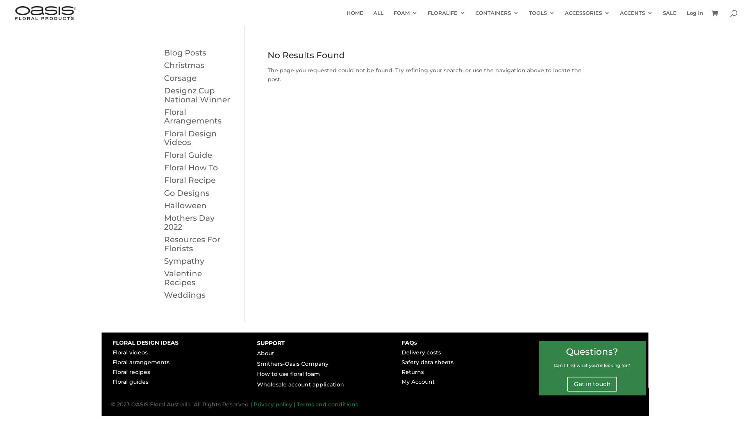 This screenshot has height=422, width=750. I want to click on 'SALE', so click(669, 18).